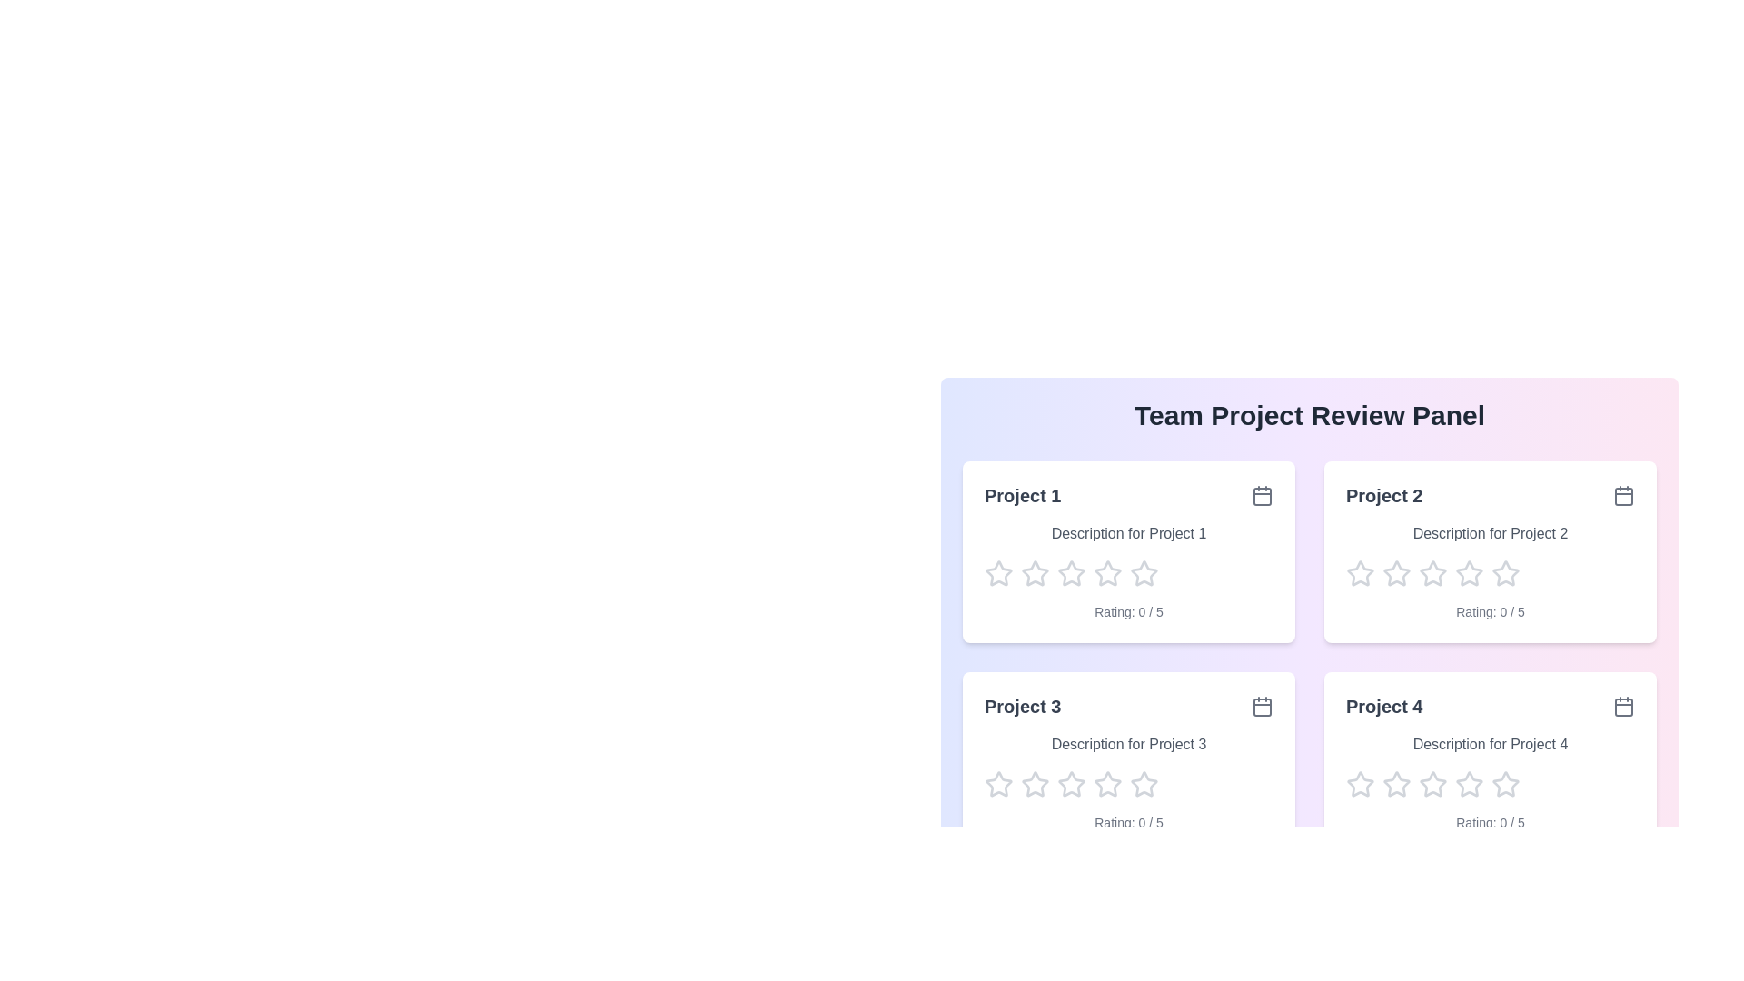 This screenshot has width=1744, height=981. What do you see at coordinates (1143, 574) in the screenshot?
I see `the star corresponding to 5 to preview the rating effect` at bounding box center [1143, 574].